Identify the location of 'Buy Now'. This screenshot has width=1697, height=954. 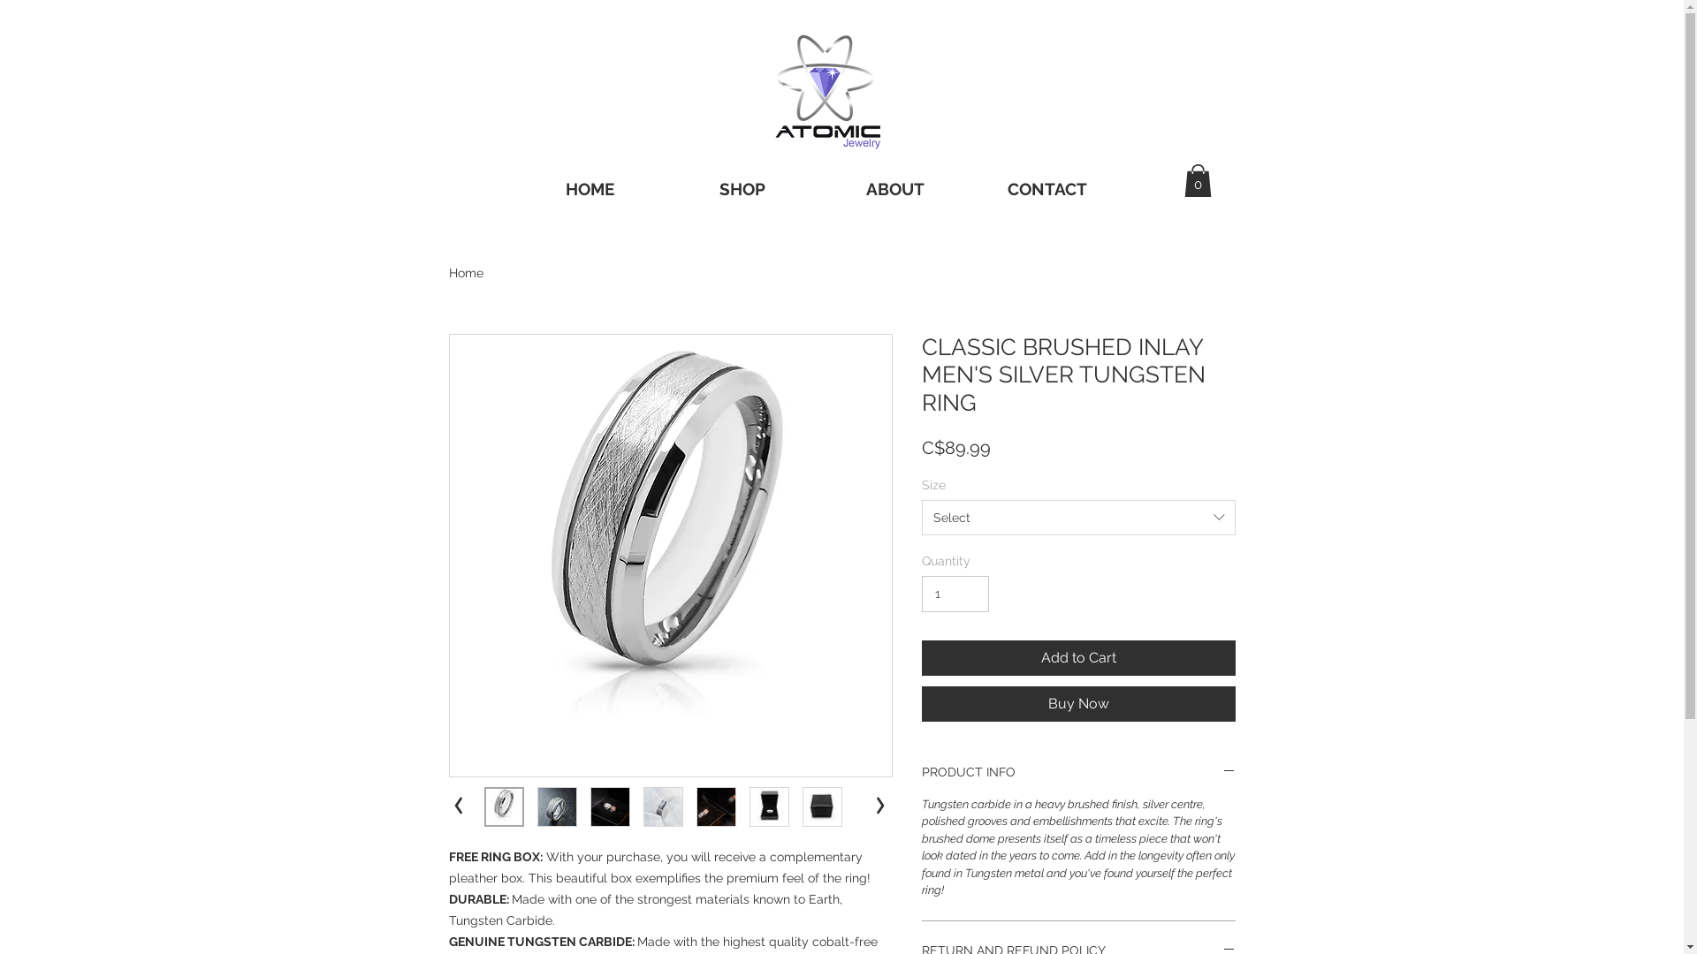
(1077, 703).